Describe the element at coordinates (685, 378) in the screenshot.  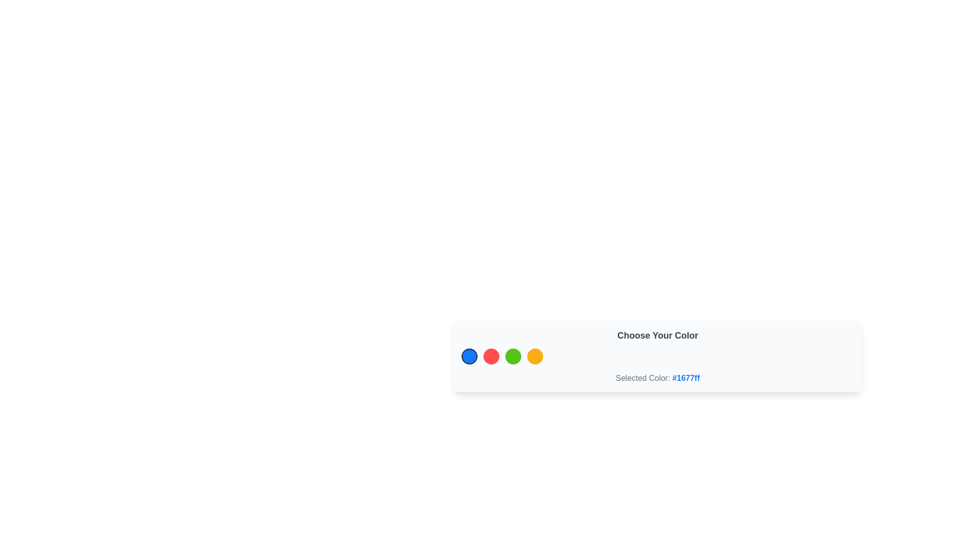
I see `the text label displaying the color code '#1677ff', which is bold and blue, located to the right of the 'Selected Color:' label` at that location.